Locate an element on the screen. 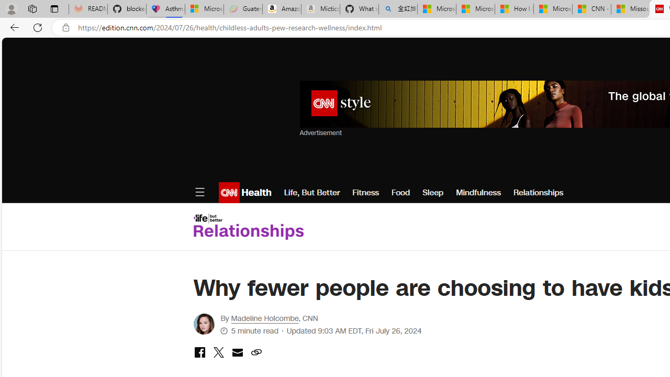  'copy link to clipboard' is located at coordinates (256, 353).